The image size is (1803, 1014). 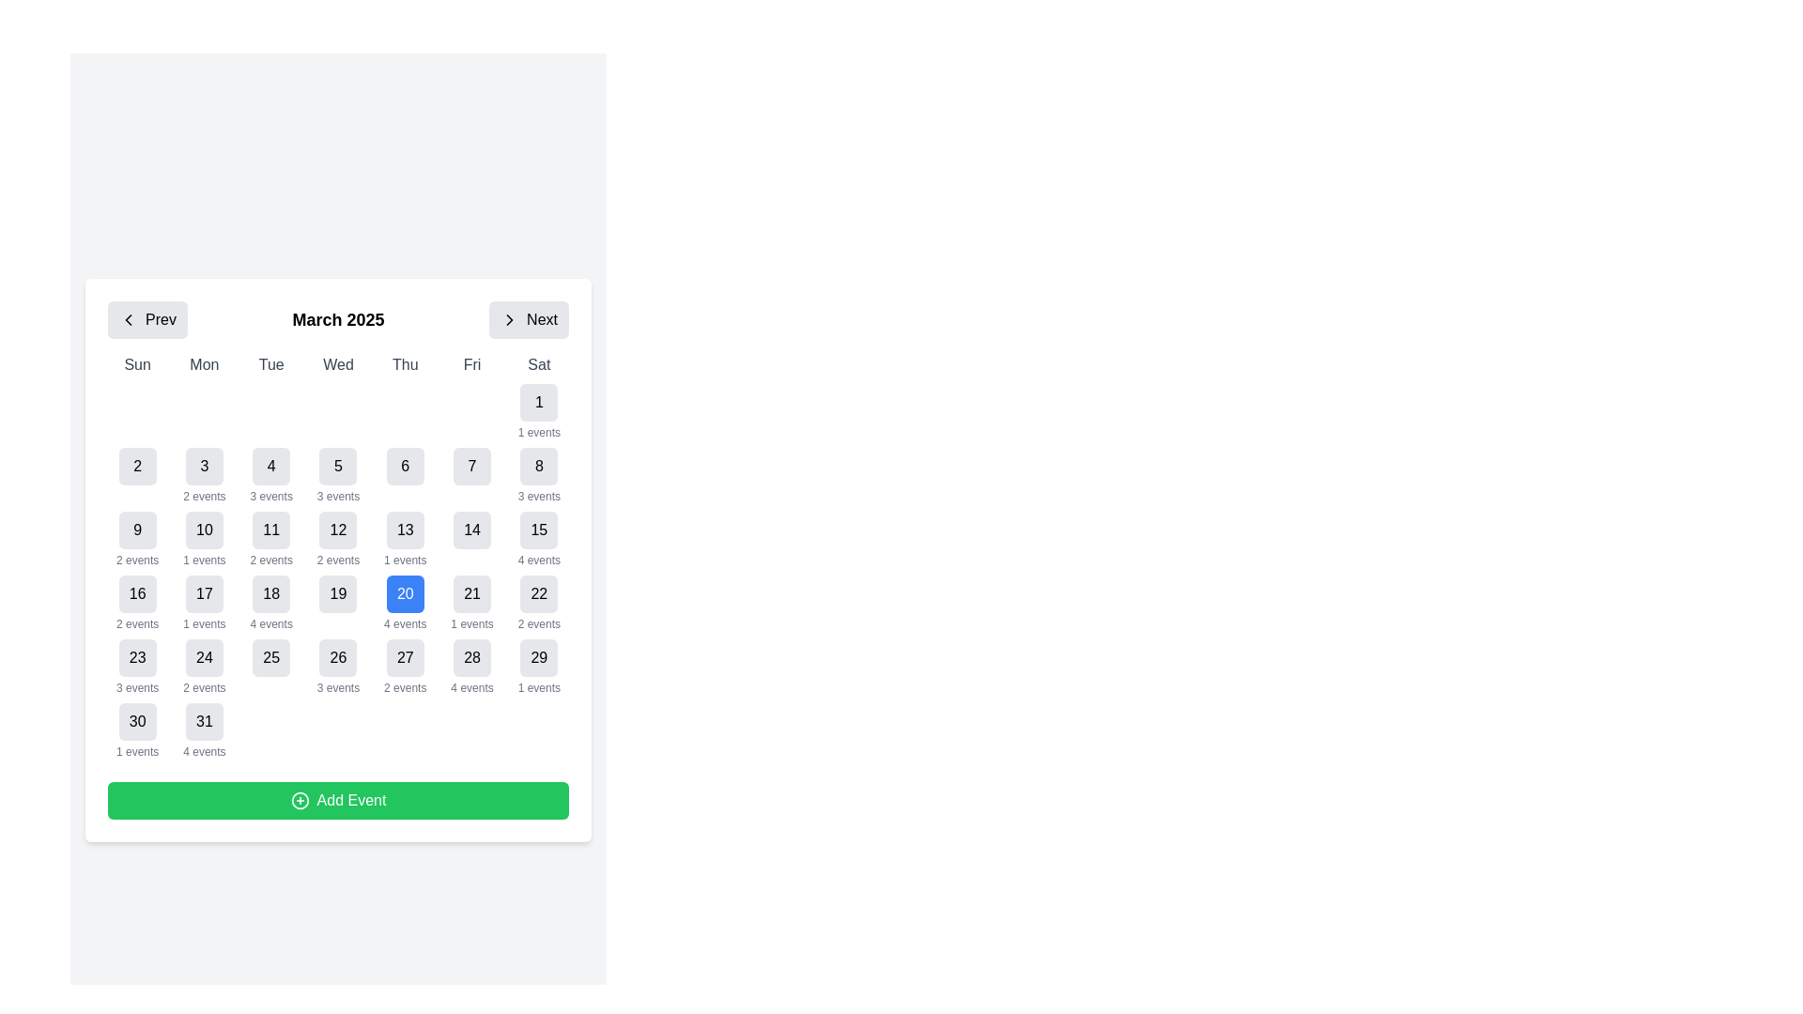 I want to click on the 'Prev' button on the calendar navigation header, so click(x=161, y=318).